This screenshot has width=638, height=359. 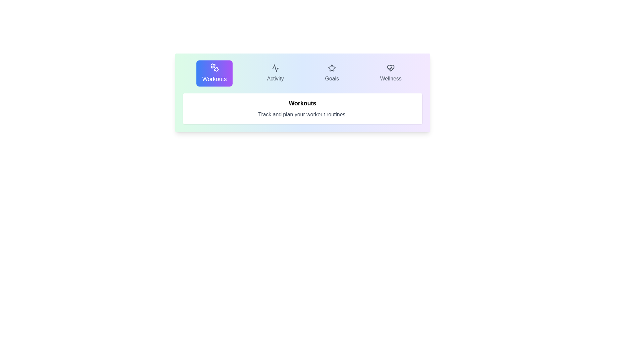 What do you see at coordinates (332, 68) in the screenshot?
I see `the star-shaped icon with a hollow center located above the 'Goals' text` at bounding box center [332, 68].